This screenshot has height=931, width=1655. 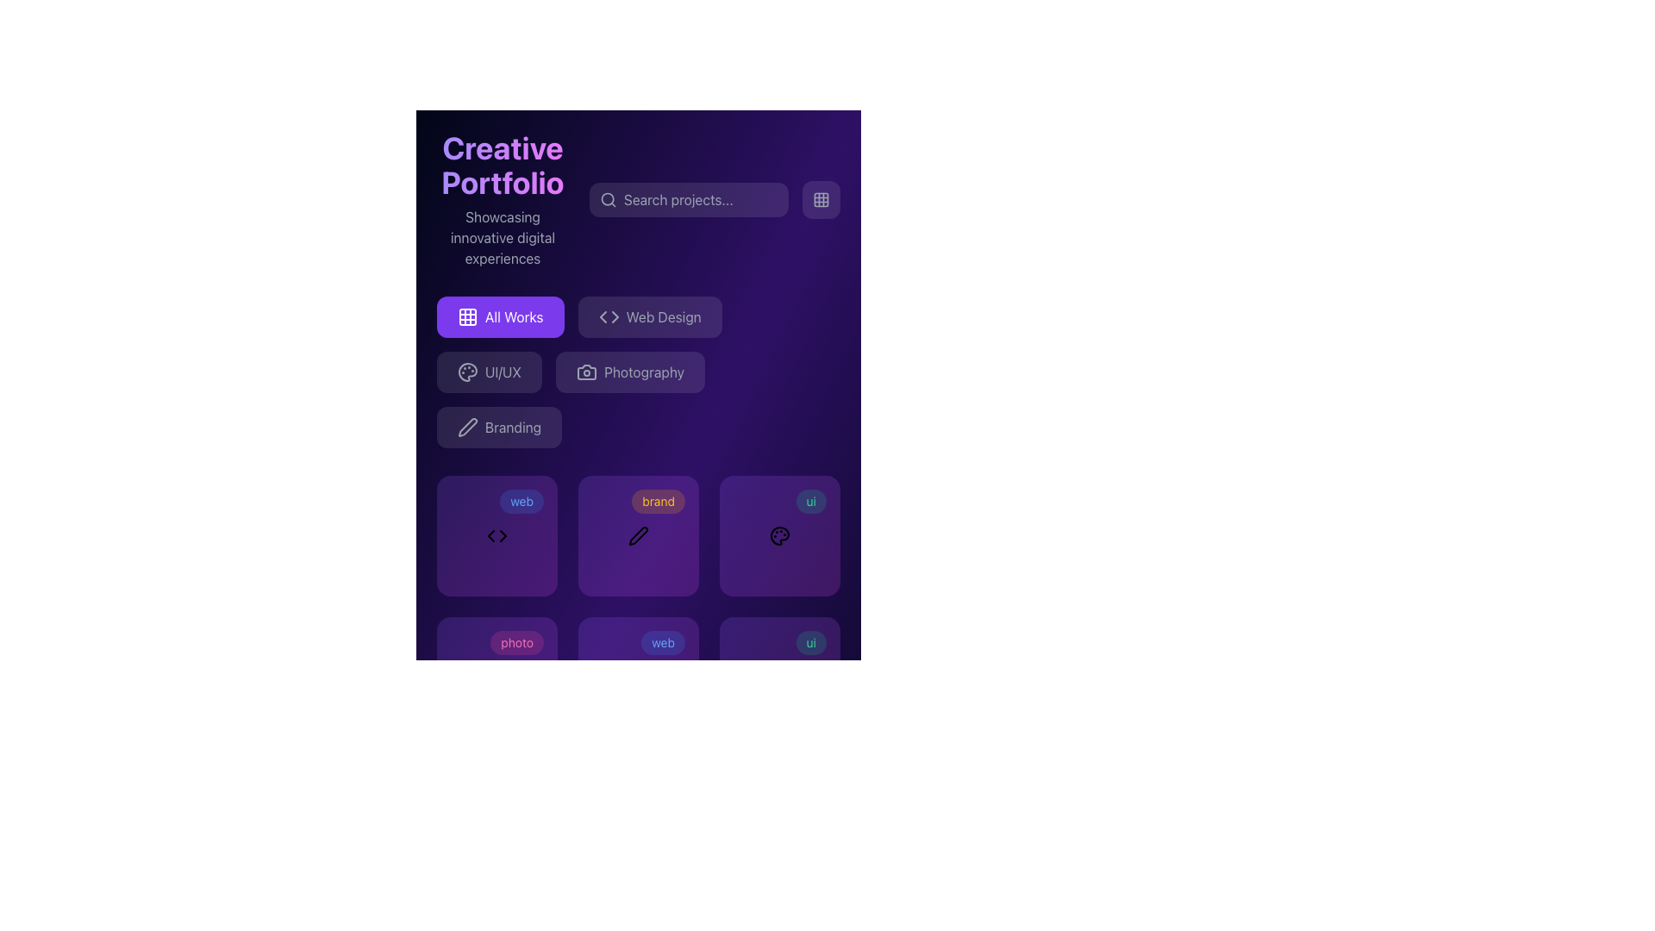 I want to click on the rectangular badge labeled 'brand' with amber text and background, located at the top-right corner of the 'Brand Identity System' card, so click(x=658, y=502).